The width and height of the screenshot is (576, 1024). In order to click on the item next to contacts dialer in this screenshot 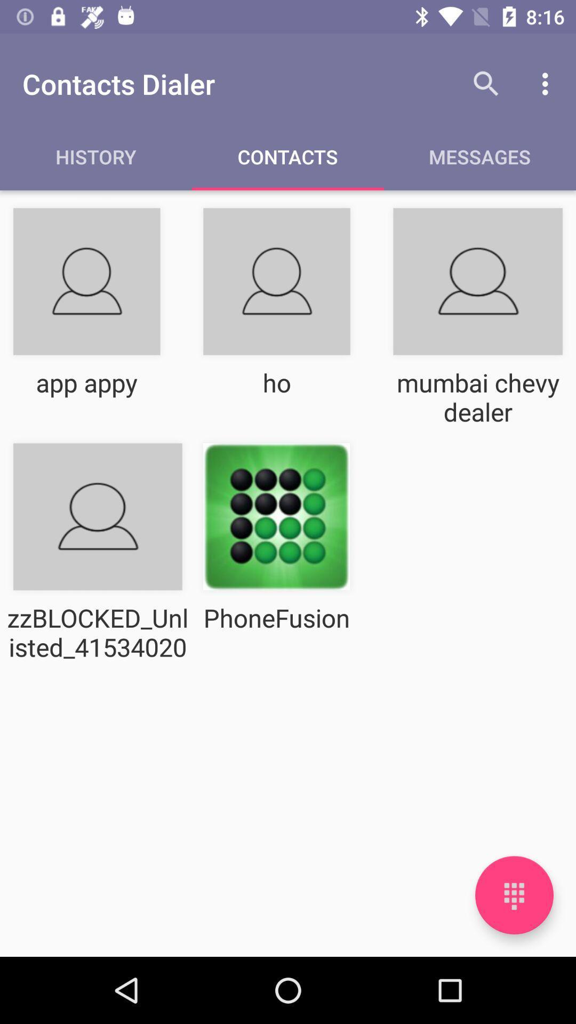, I will do `click(486, 83)`.